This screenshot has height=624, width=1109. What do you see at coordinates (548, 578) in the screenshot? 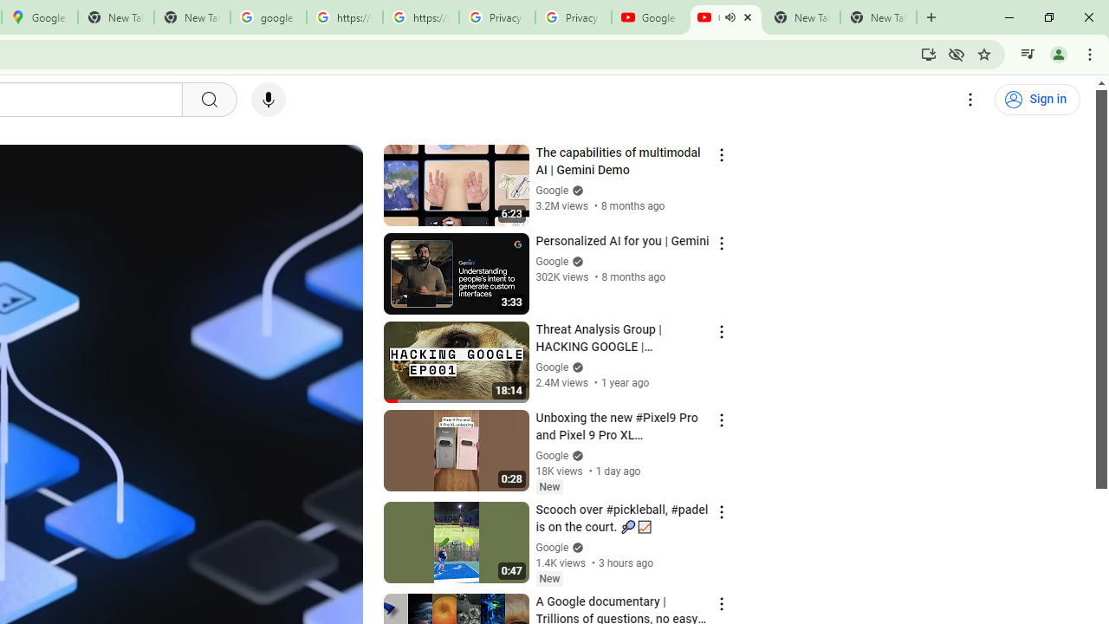
I see `'New'` at bounding box center [548, 578].